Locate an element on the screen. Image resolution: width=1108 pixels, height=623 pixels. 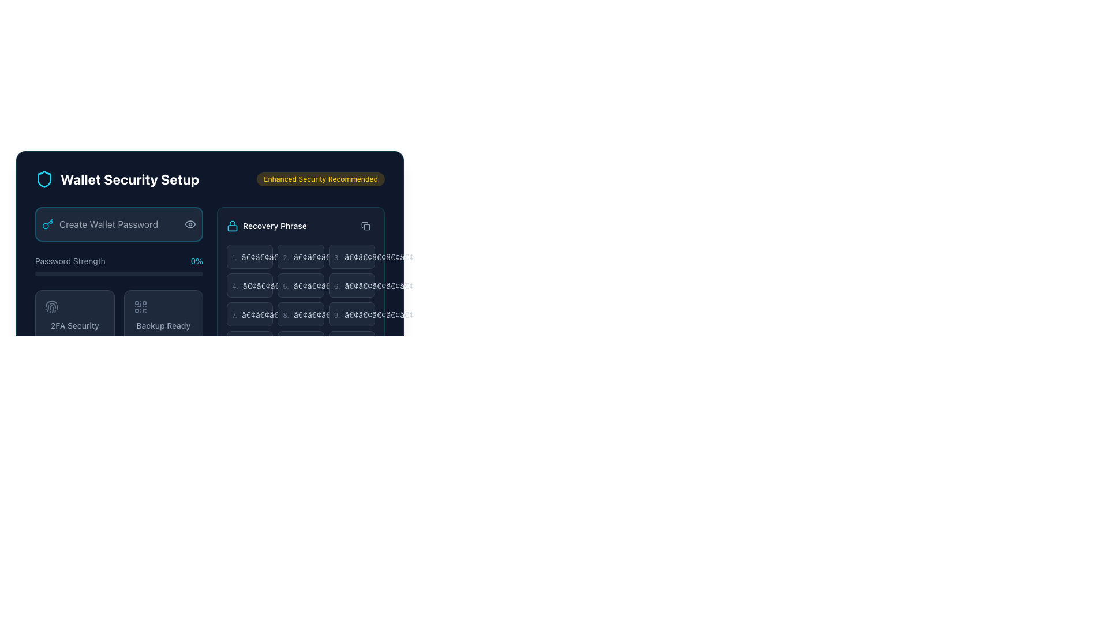
seventh item in the grid under the 'Recovery Phrase' section, which serves as a placeholder for a recovery phrase segment is located at coordinates (249, 314).